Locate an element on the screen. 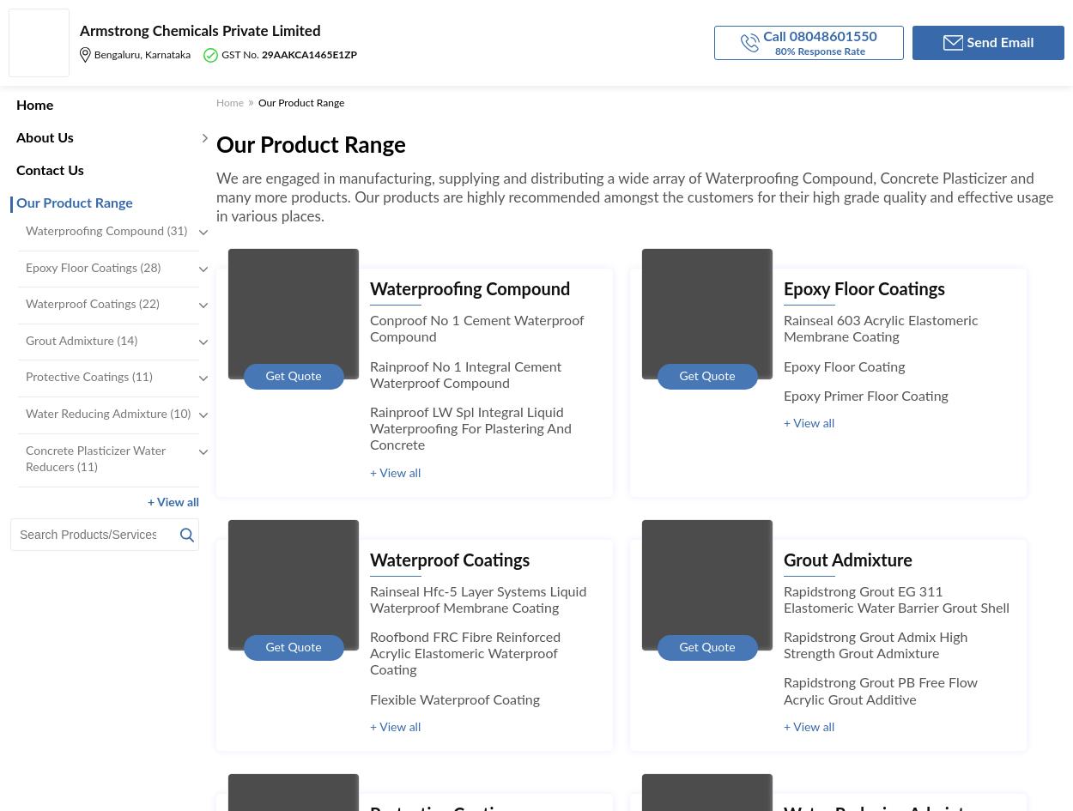 The height and width of the screenshot is (811, 1073). 'Protective Coatings (11)' is located at coordinates (88, 377).